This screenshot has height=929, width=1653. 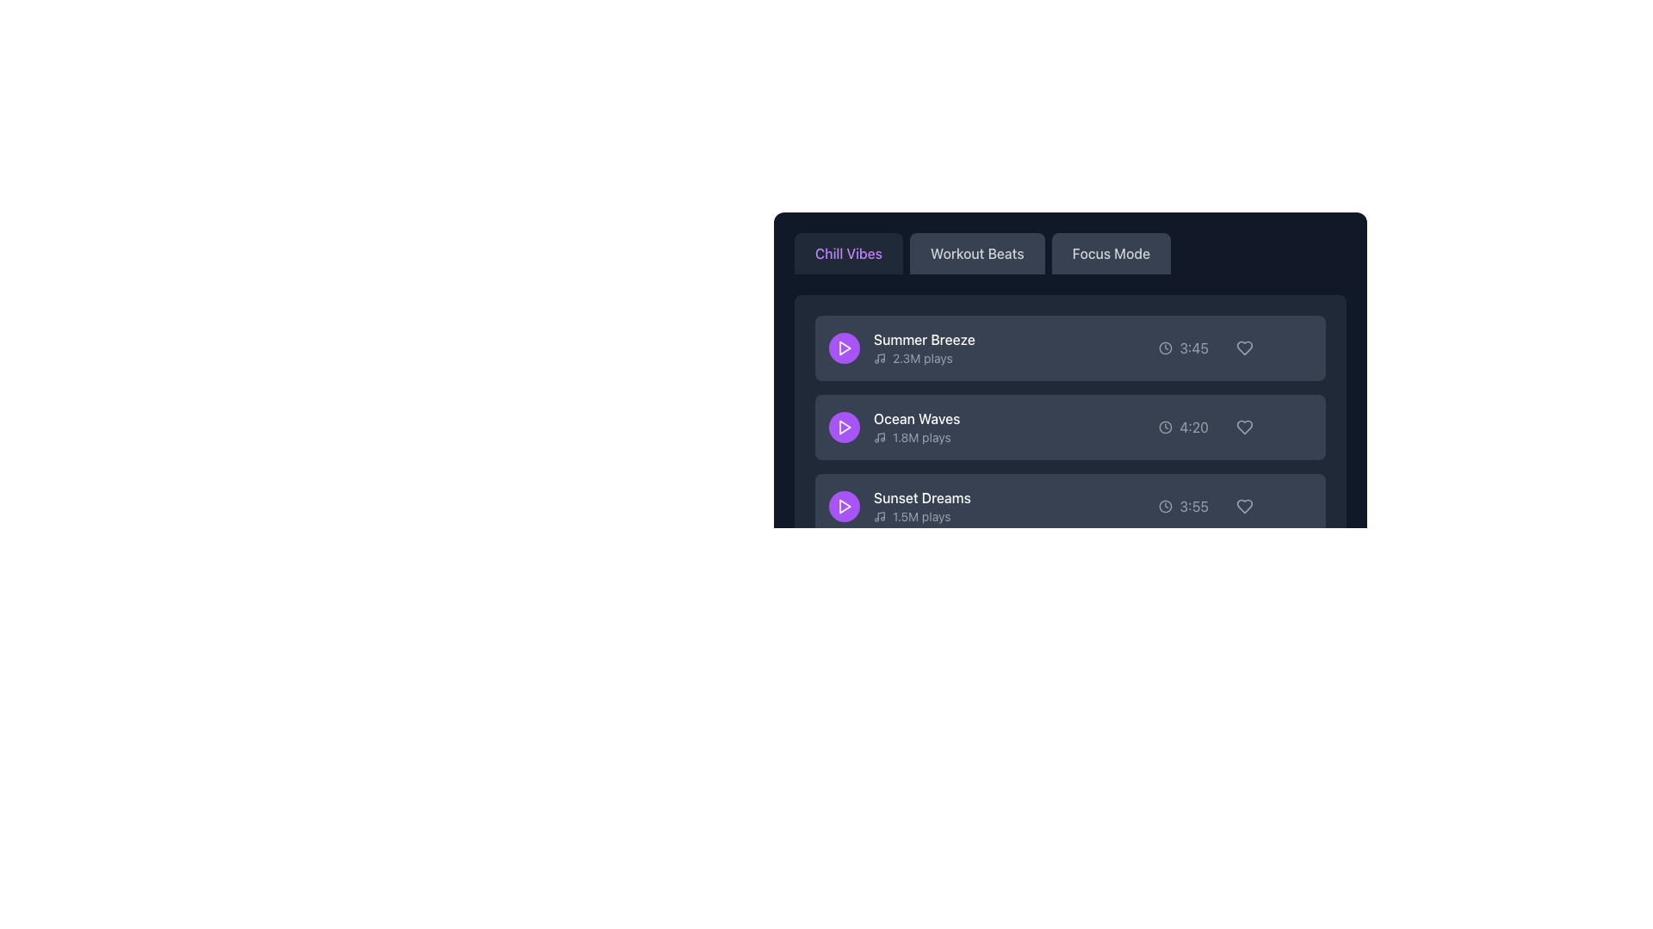 I want to click on the 'Focus Mode' button, which is the third button in a row of three buttons, so click(x=1111, y=253).